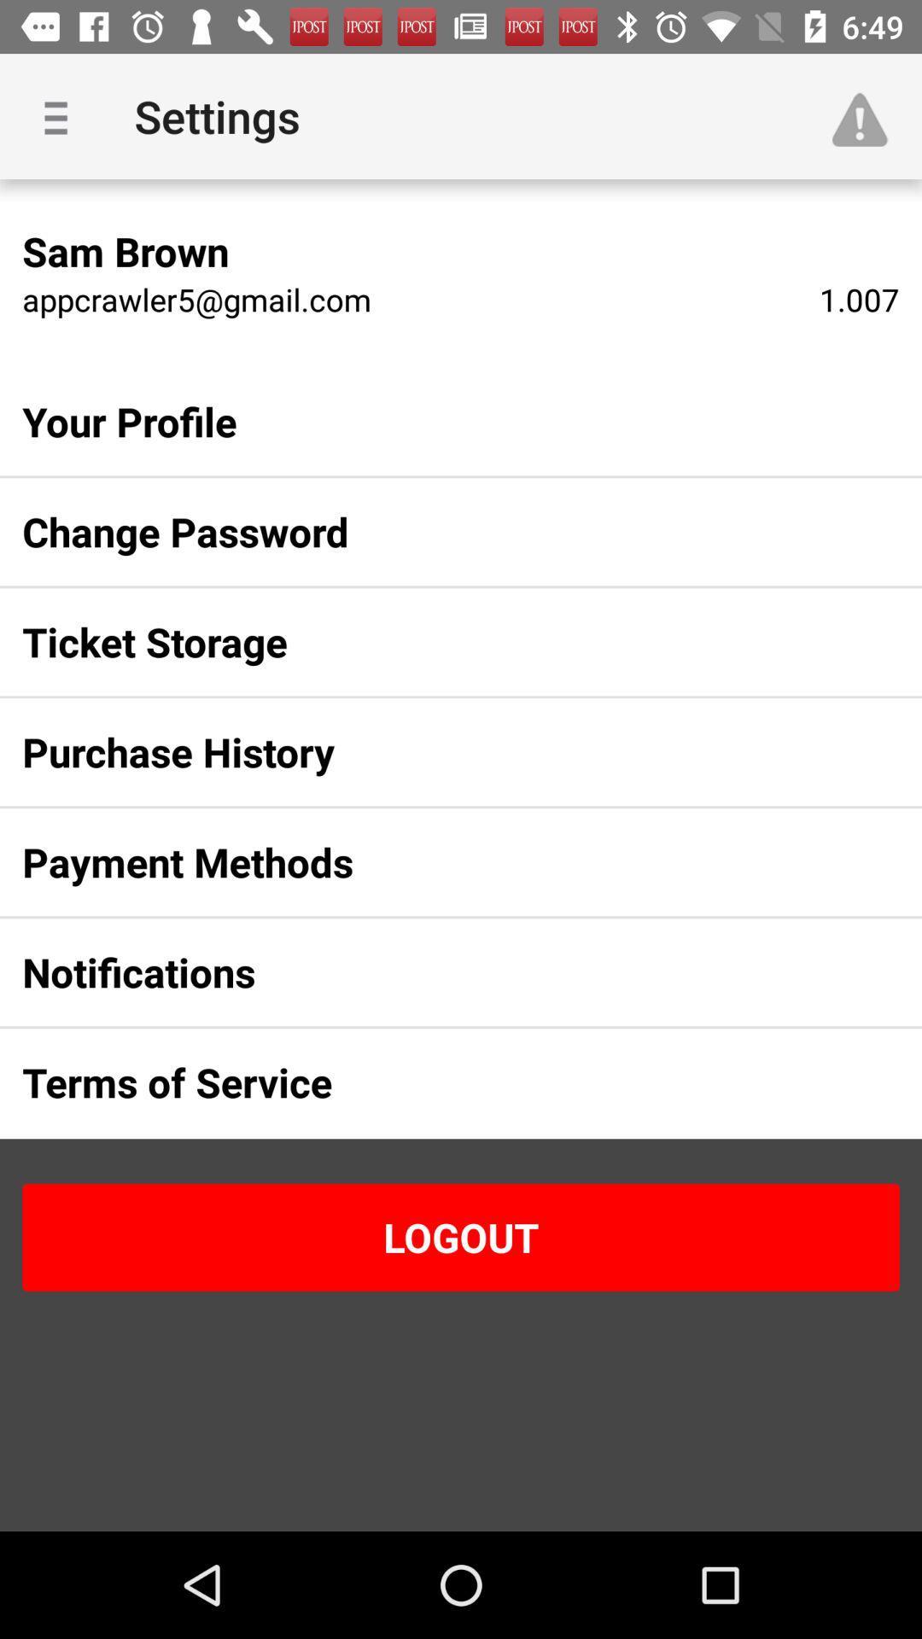 The image size is (922, 1639). I want to click on the icon below purchase history item, so click(433, 862).